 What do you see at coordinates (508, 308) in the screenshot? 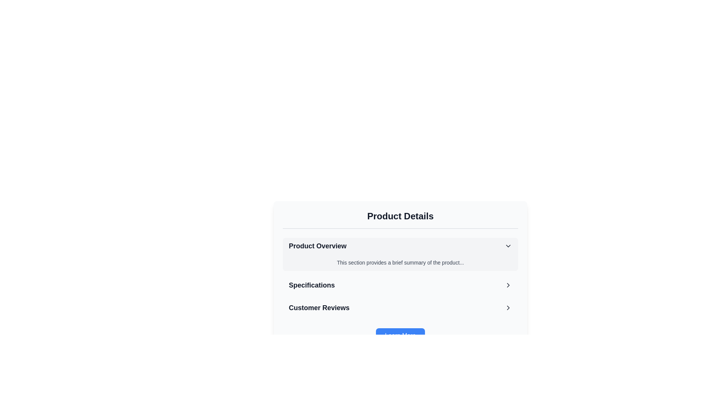
I see `the Chevron Right icon in the Customer Reviews section to trigger a tooltip or style change` at bounding box center [508, 308].